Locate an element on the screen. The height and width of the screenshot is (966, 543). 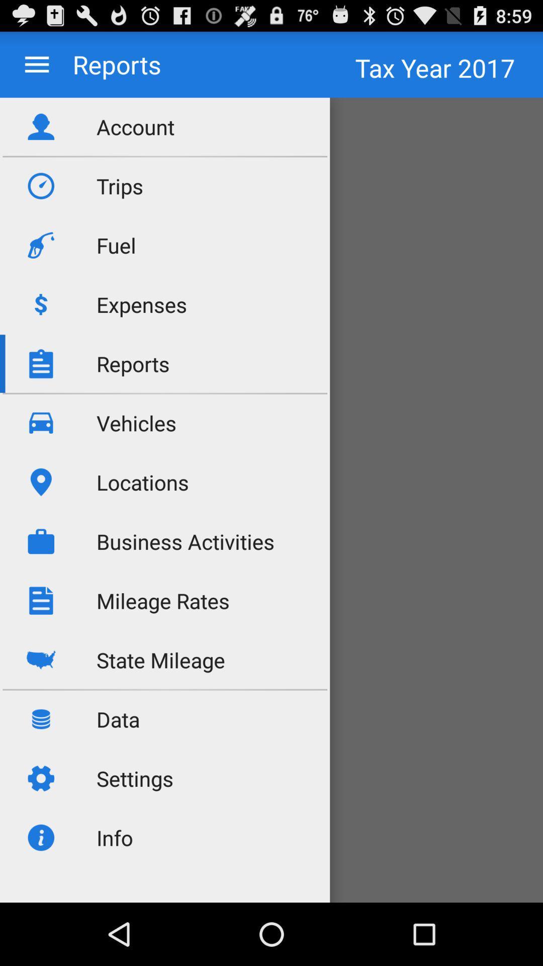
the data app is located at coordinates (118, 718).